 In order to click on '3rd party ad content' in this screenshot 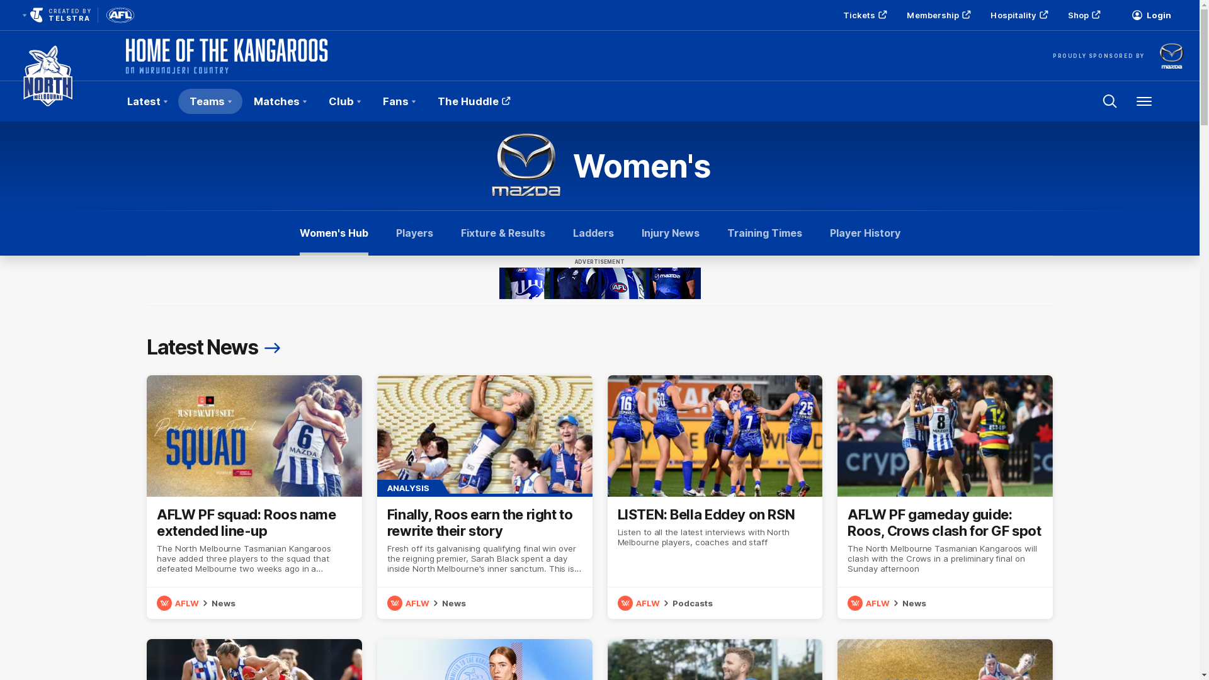, I will do `click(598, 283)`.